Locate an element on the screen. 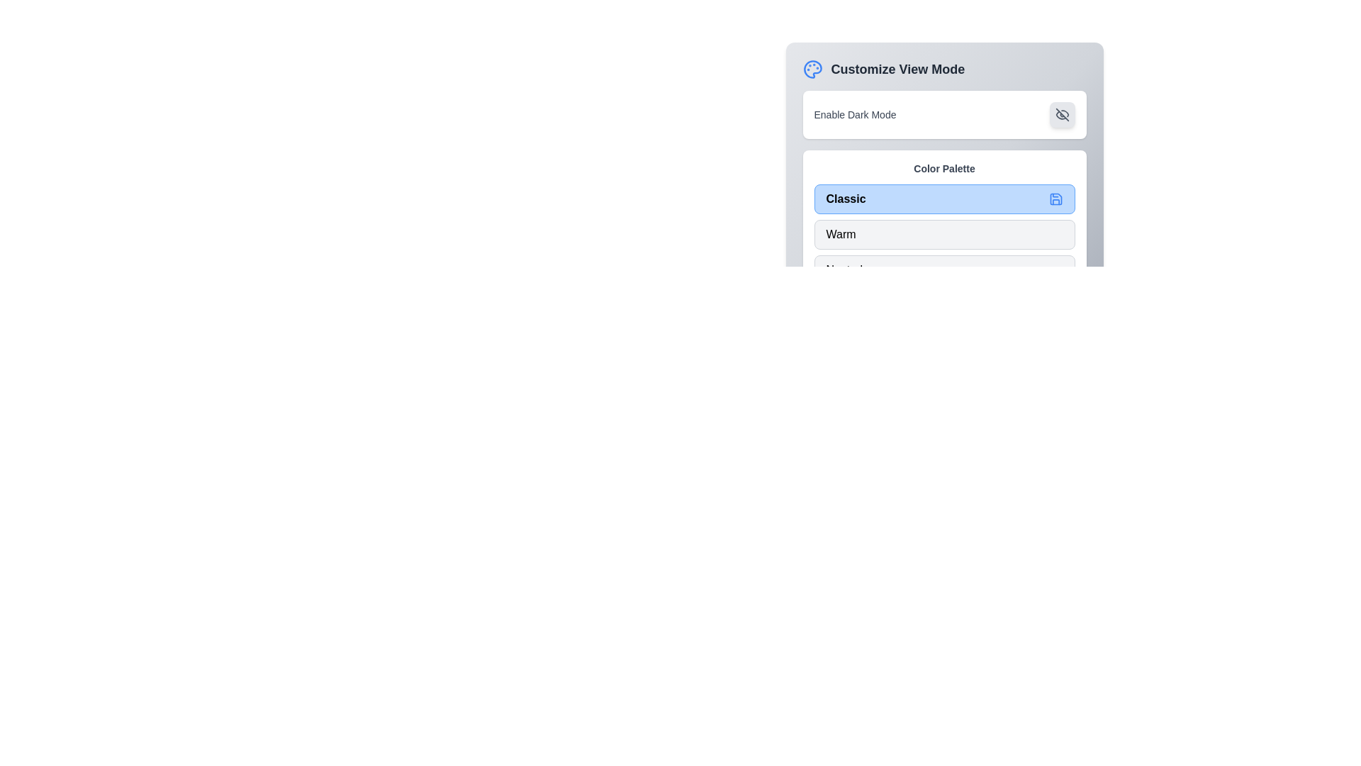 The height and width of the screenshot is (766, 1361). the heading label that indicates the section for color themes, located at the top part of the section above the options 'Classic', 'Warm', 'Neutral', and 'Cool' is located at coordinates (944, 168).